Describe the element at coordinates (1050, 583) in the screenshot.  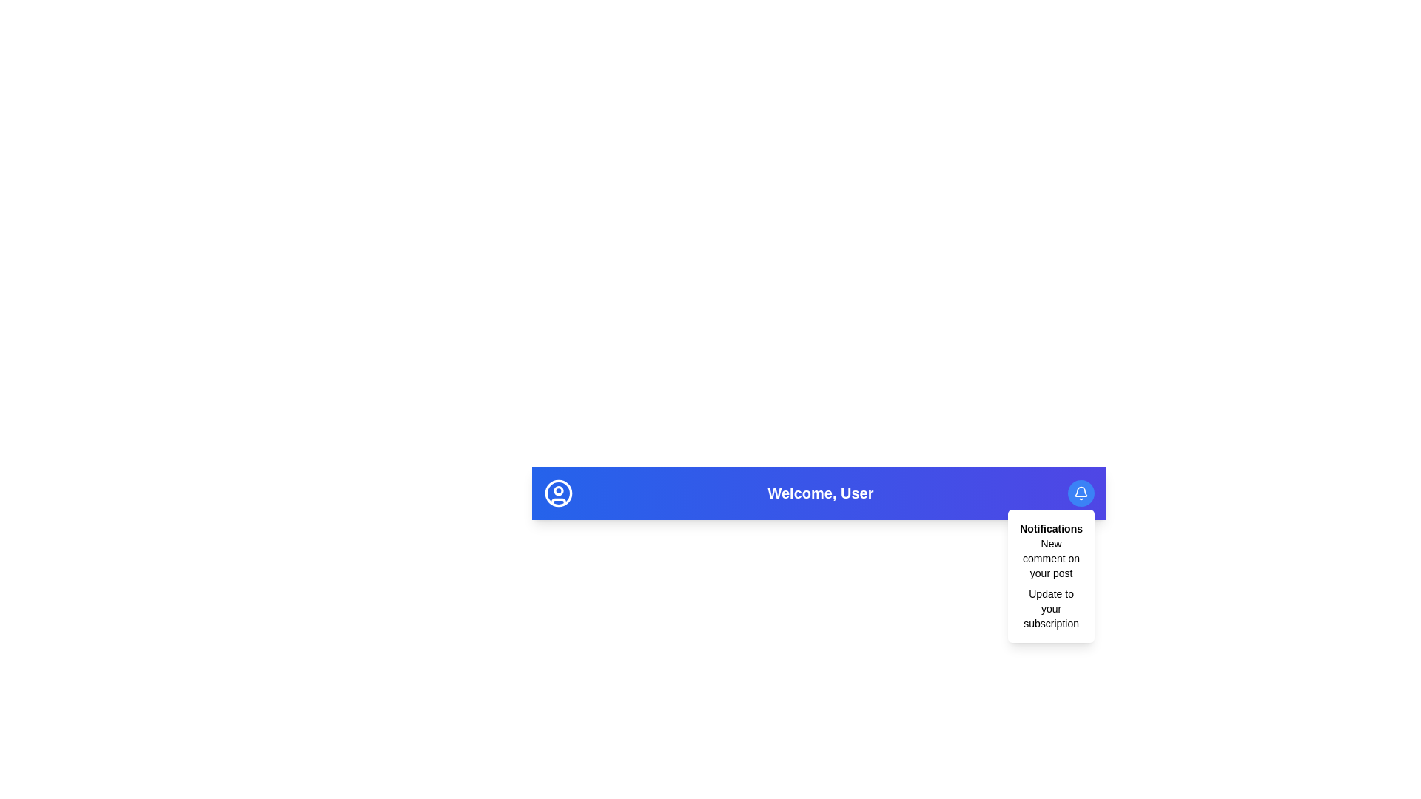
I see `the notification summary label located in the dropdown notification panel at the upper-right corner of the interface, below the header 'Notifications'` at that location.